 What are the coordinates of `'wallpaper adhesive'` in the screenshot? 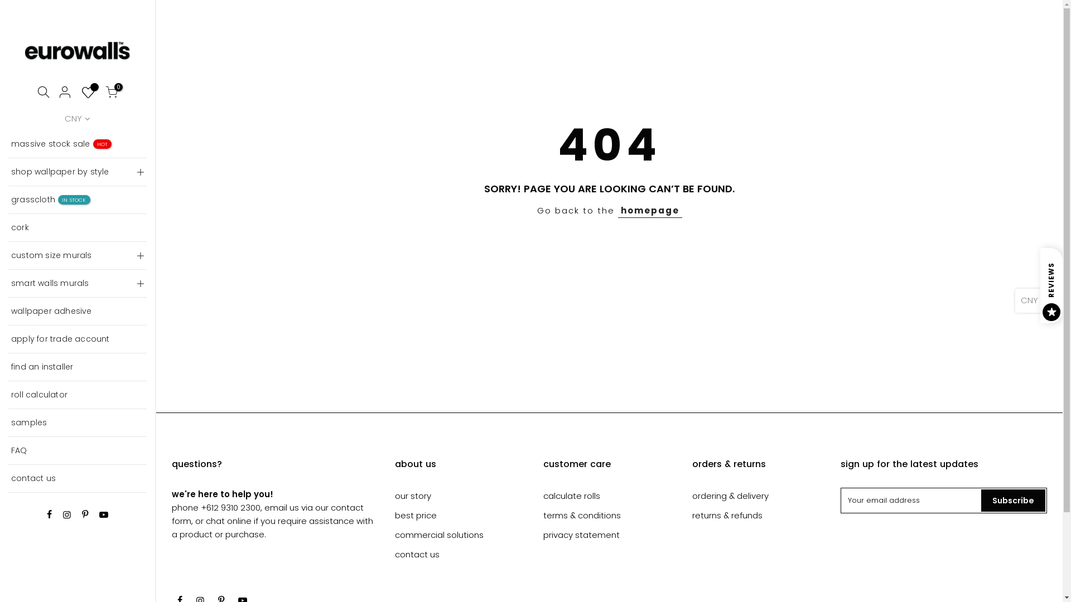 It's located at (77, 312).